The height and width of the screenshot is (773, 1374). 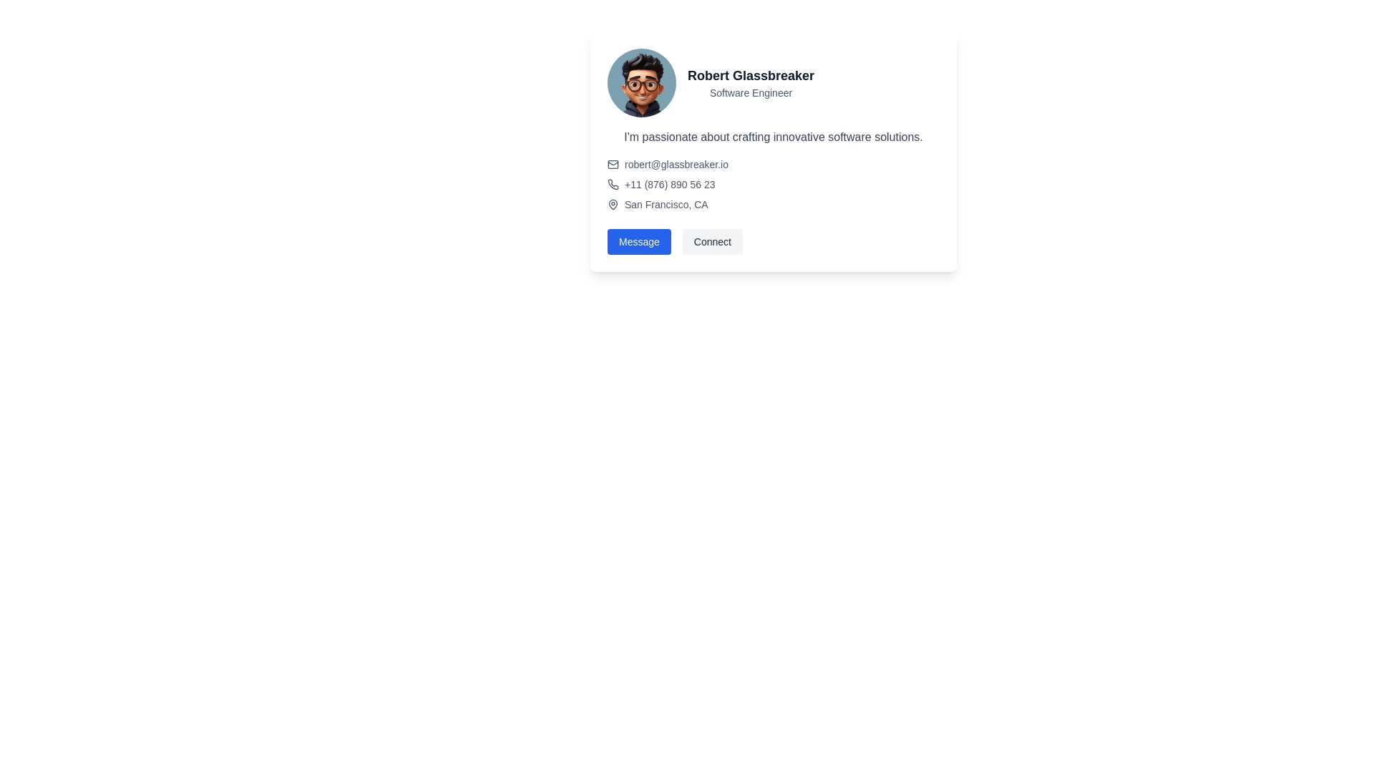 I want to click on the Decorative UI icon element, which is a rounded rectangle styled with a solid outline and positioned within an envelope icon to the left of the email address 'robert@glassbreaker.io', so click(x=613, y=164).